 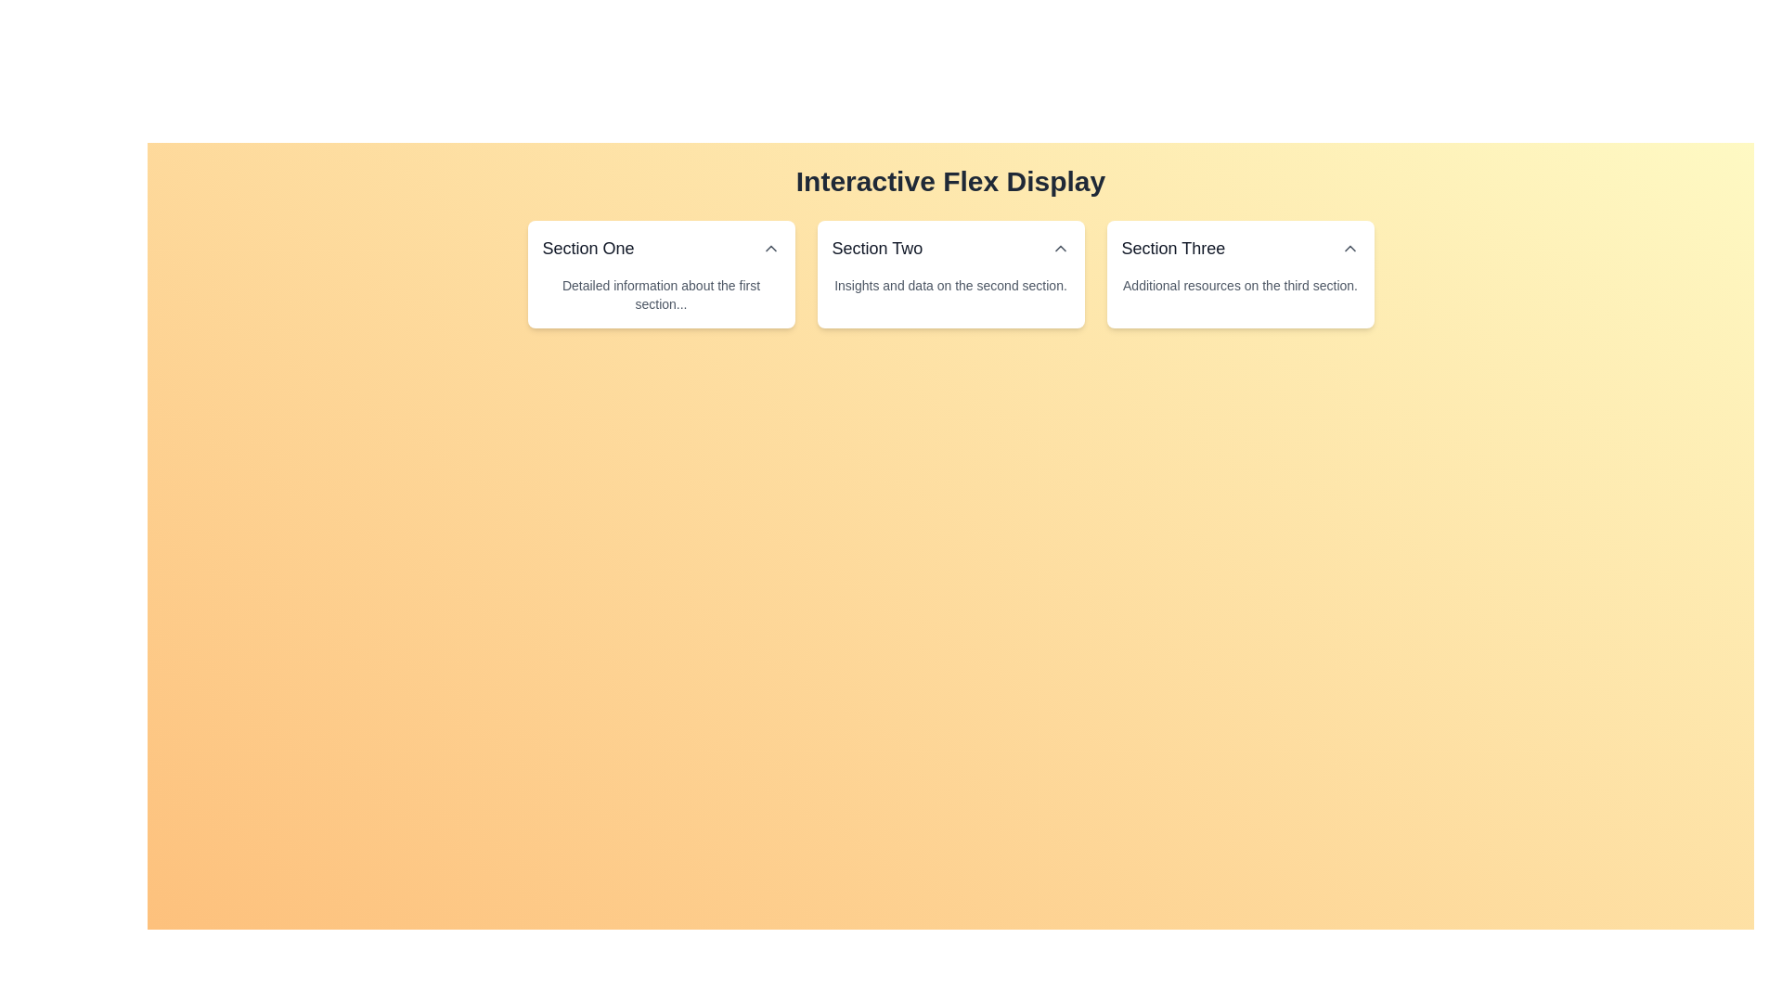 I want to click on the descriptive text element located beneath the title 'Section Two' within the second card of three horizontally aligned cards, so click(x=950, y=286).